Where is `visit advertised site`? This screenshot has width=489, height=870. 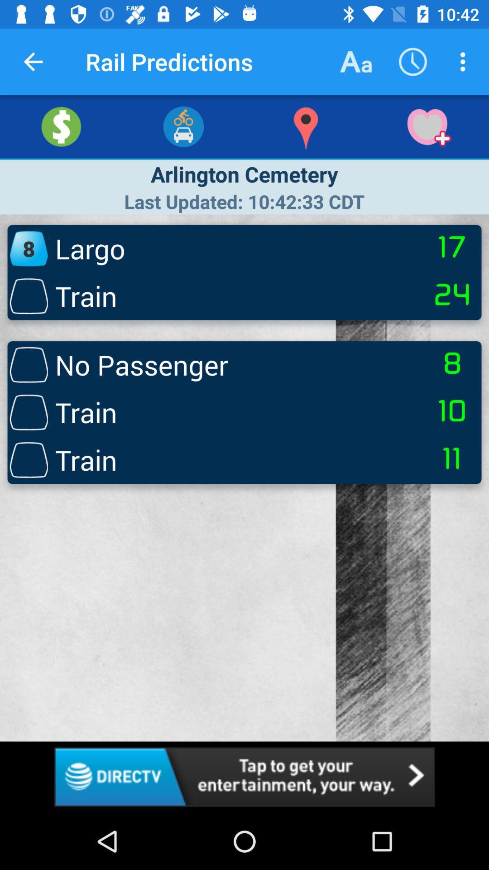
visit advertised site is located at coordinates (244, 776).